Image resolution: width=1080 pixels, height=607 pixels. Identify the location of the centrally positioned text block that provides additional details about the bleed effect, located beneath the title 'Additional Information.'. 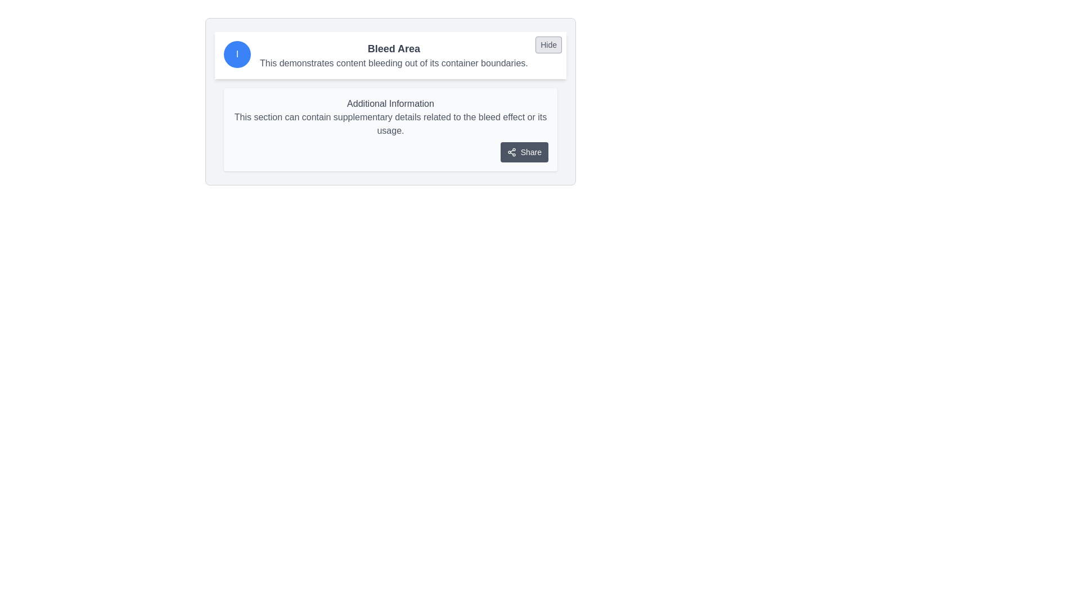
(390, 124).